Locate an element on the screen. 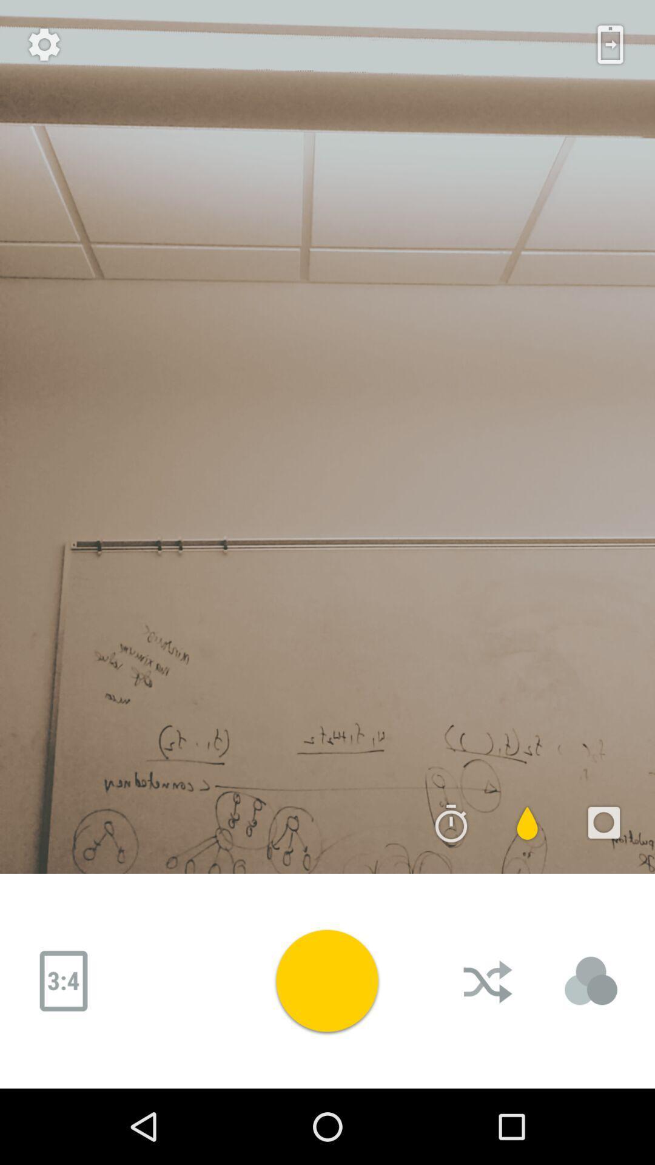 This screenshot has width=655, height=1165. acess phone is located at coordinates (610, 44).